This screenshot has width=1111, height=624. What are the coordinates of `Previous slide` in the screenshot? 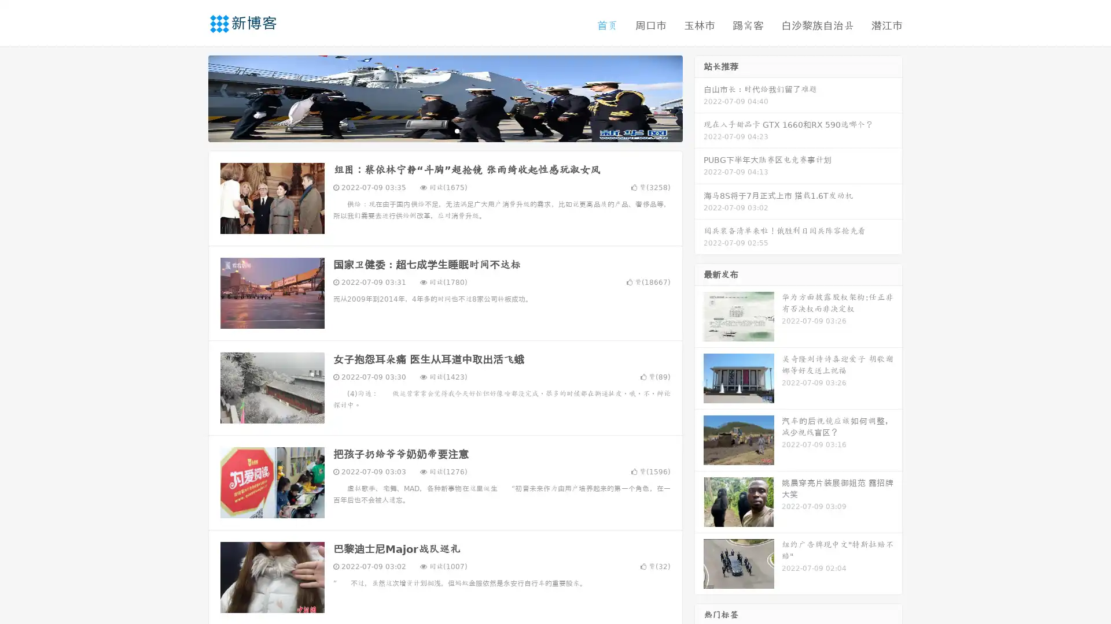 It's located at (191, 97).